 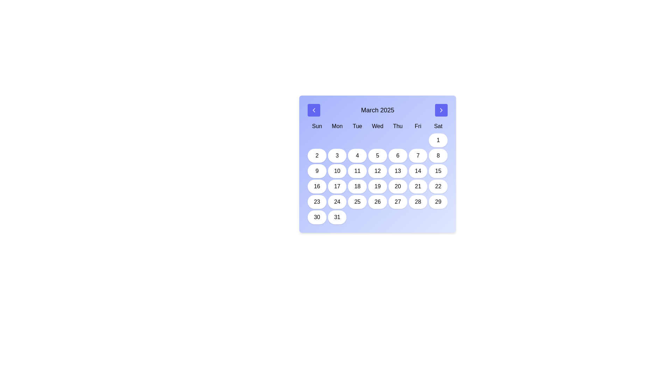 What do you see at coordinates (377, 126) in the screenshot?
I see `the text-based row header of the calendar, which labels the columns for each day in March 2025, positioned directly below the title and above the date grid` at bounding box center [377, 126].